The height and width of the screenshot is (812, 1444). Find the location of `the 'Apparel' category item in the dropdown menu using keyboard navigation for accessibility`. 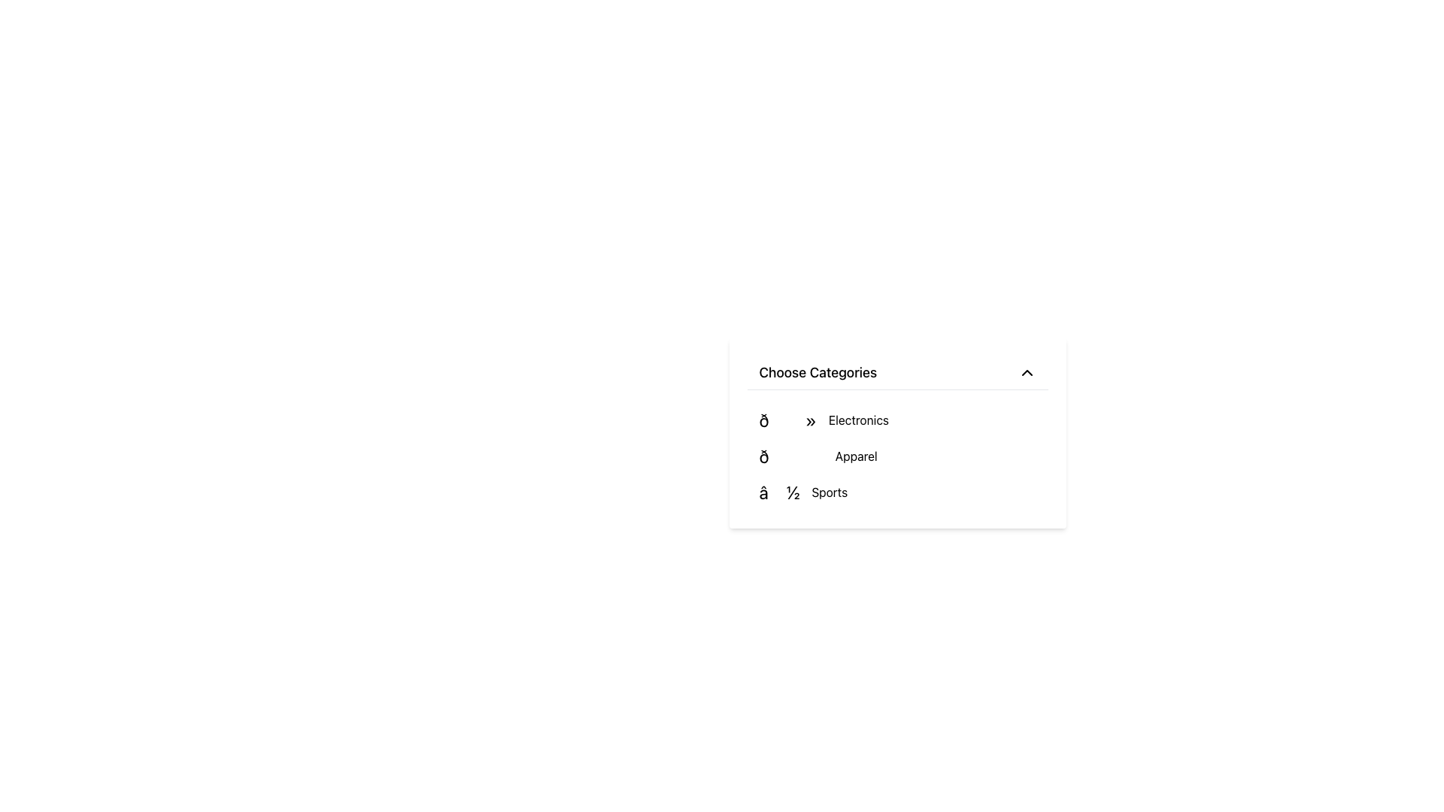

the 'Apparel' category item in the dropdown menu using keyboard navigation for accessibility is located at coordinates (897, 455).